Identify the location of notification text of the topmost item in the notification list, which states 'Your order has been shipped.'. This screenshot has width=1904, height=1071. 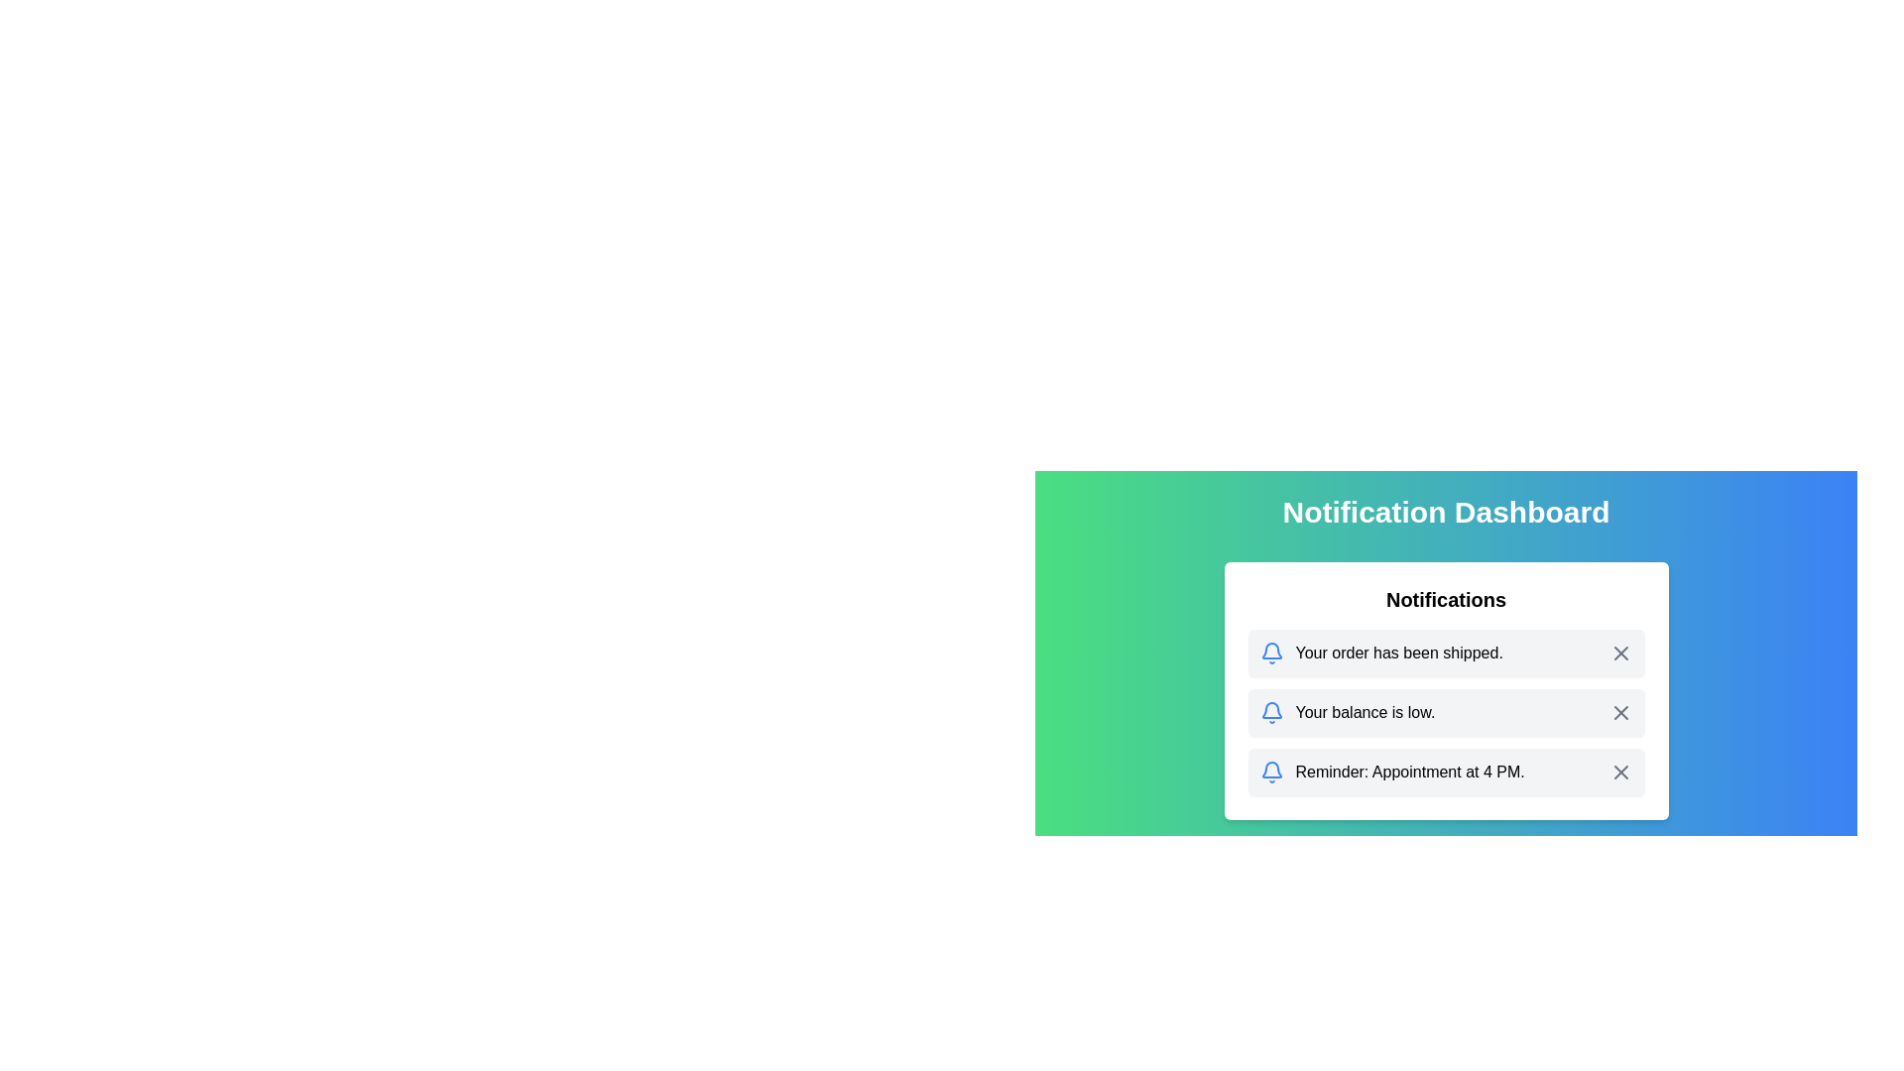
(1446, 657).